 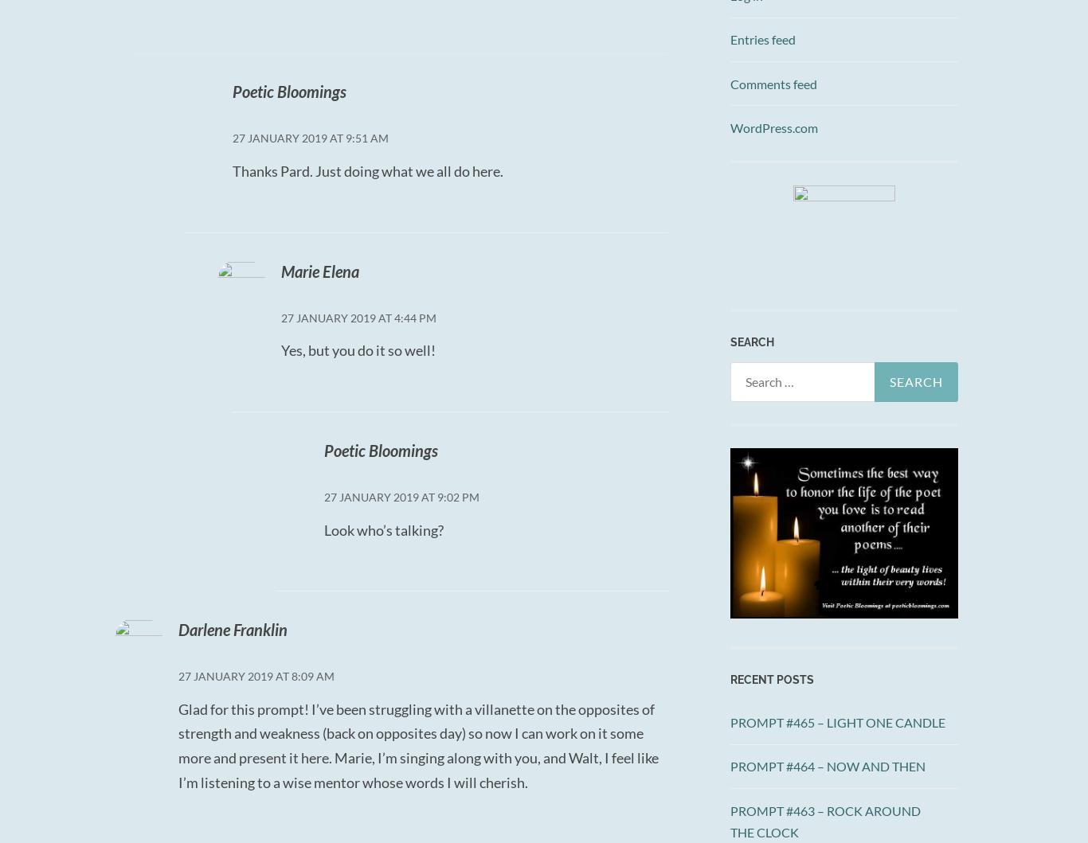 I want to click on 'Glad for this prompt!  I’ve been struggling with a villanette on the opposites of strength and weakness (back on opposites day) so now I can work on it some more and present it here.  Marie, I’m singing along with you, and Walt, I feel like I’m listening to a wise mentor whose words I will cherish.', so click(x=178, y=745).